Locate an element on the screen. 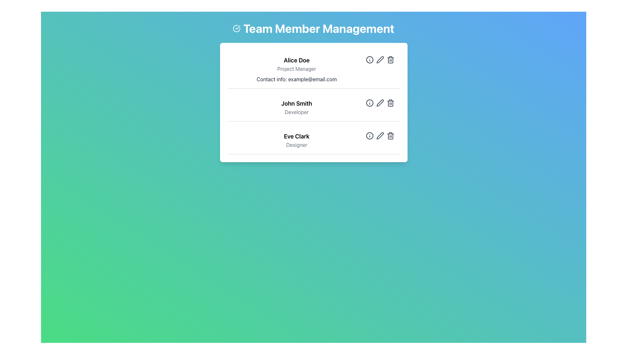 The height and width of the screenshot is (351, 625). the edit icon located in the second row of John Smith's entry card, positioned as the middle item among three action buttons aligned horizontally to the right side, to initiate editing is located at coordinates (380, 102).